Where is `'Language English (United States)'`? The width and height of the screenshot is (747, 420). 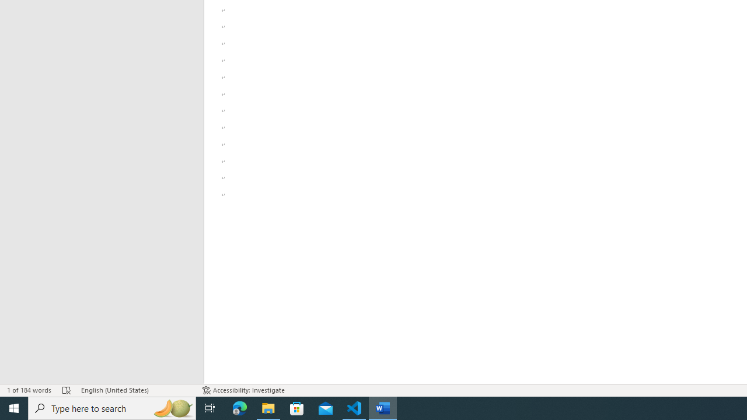 'Language English (United States)' is located at coordinates (135, 390).